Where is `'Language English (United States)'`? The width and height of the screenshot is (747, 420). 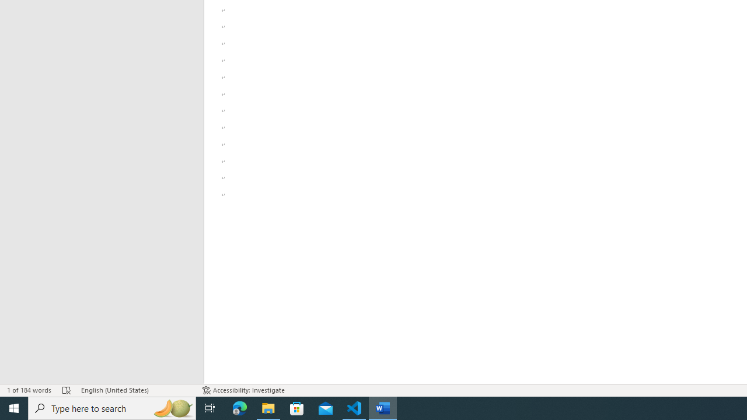 'Language English (United States)' is located at coordinates (135, 390).